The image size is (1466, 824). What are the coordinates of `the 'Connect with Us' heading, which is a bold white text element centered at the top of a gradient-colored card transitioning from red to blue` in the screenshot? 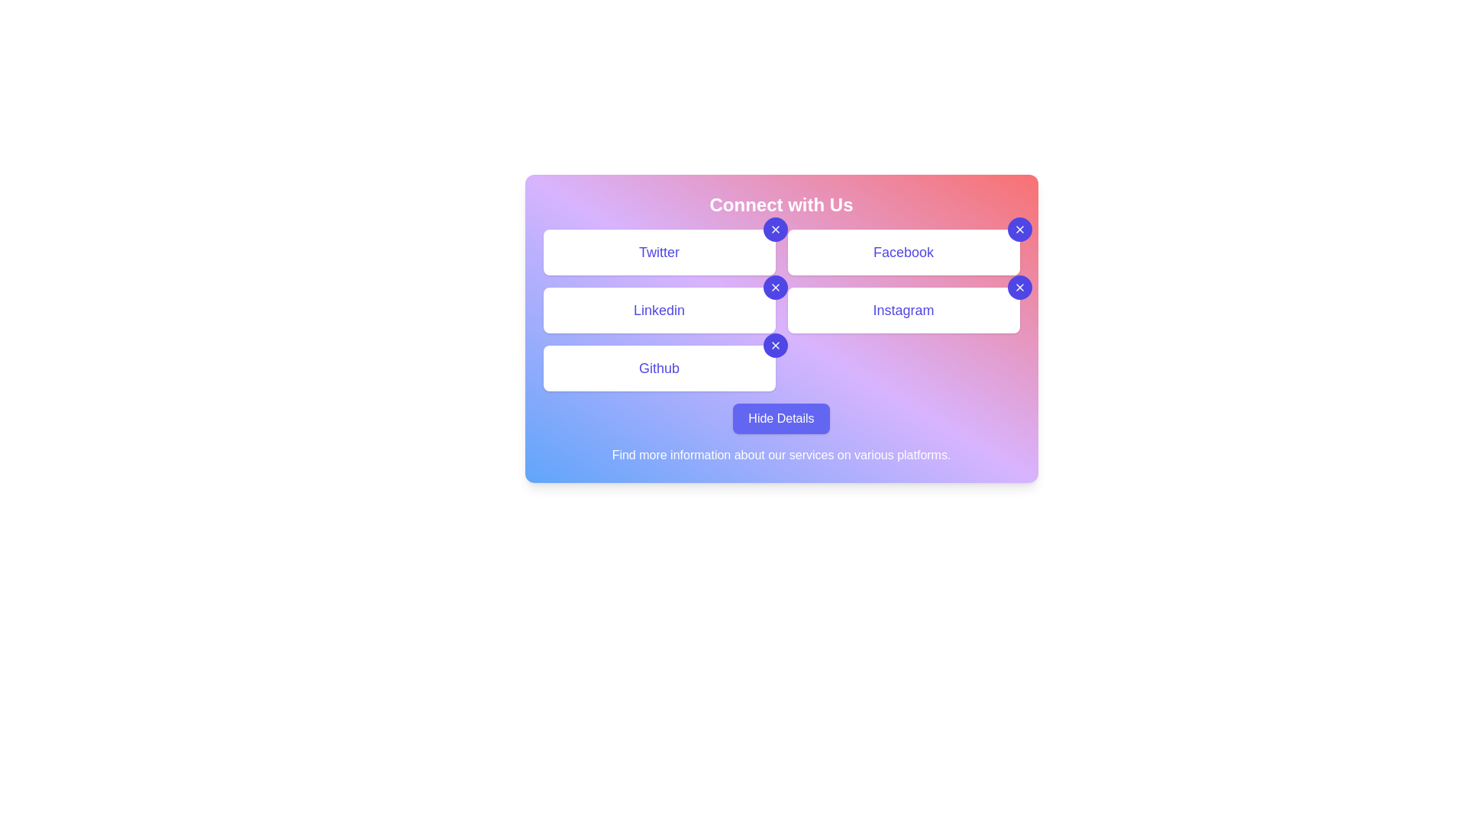 It's located at (781, 204).